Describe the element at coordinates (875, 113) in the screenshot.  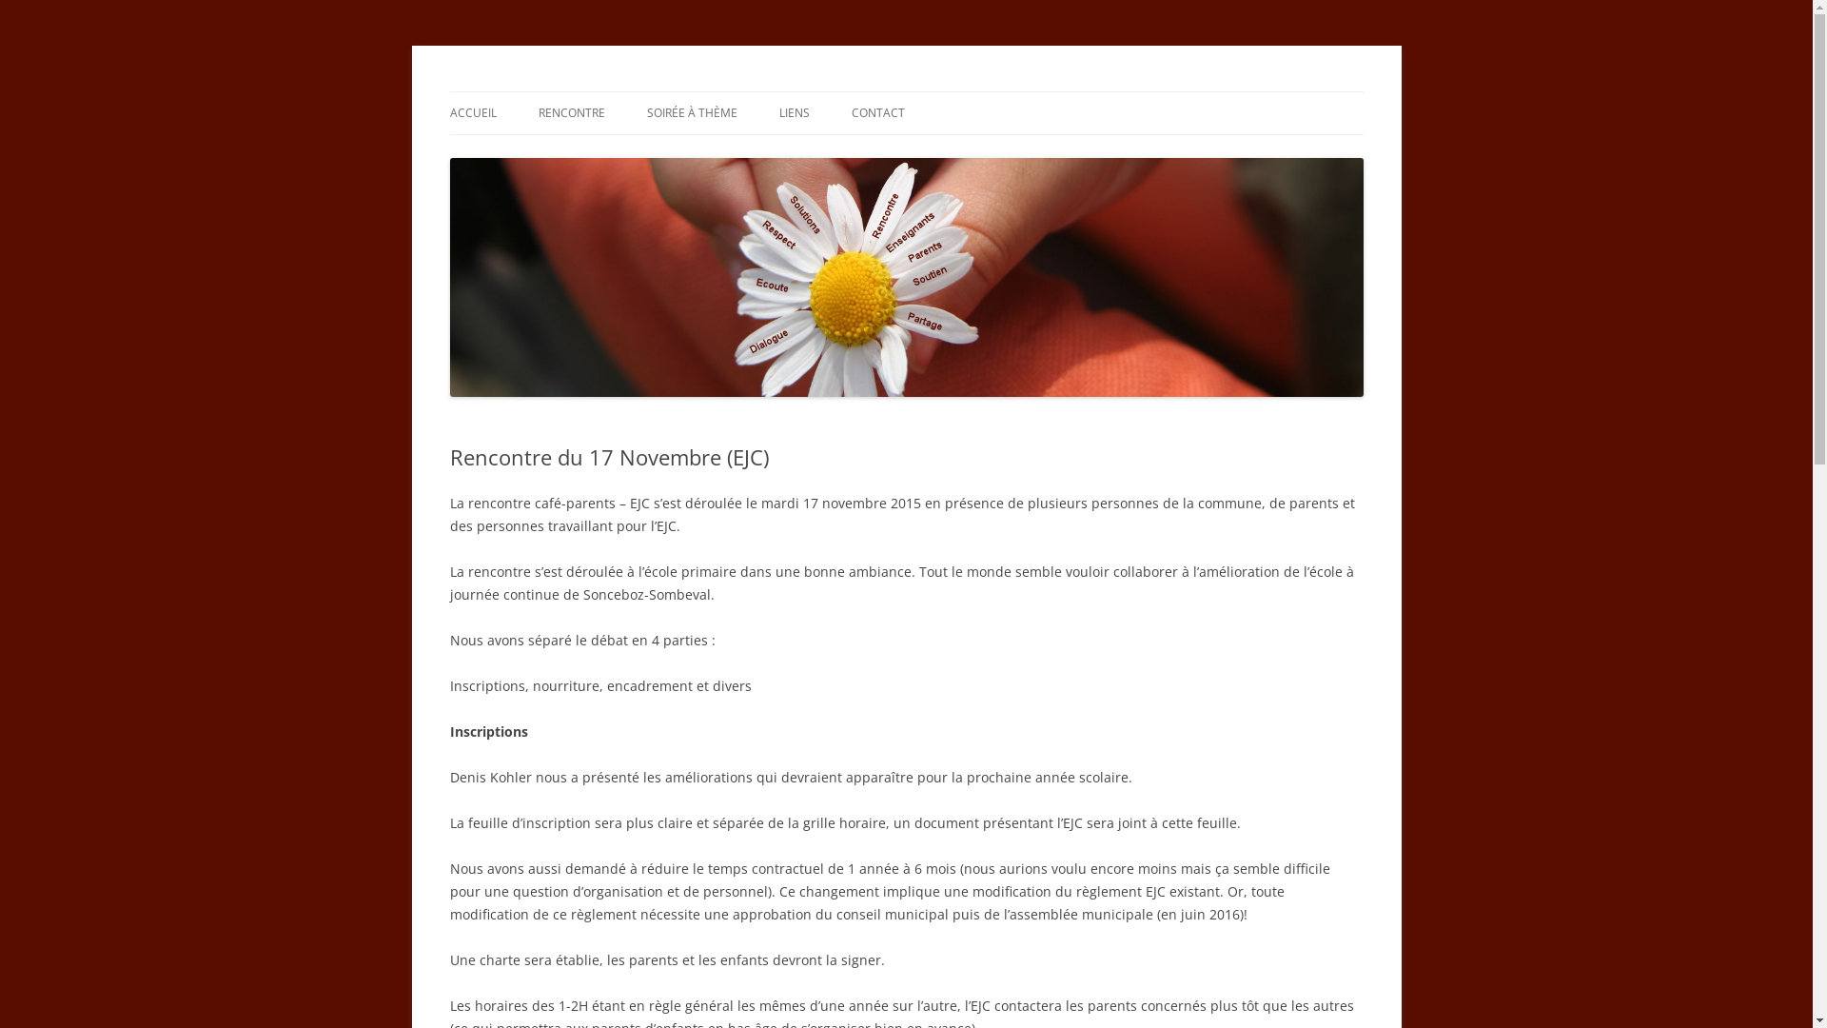
I see `'CONTACT'` at that location.